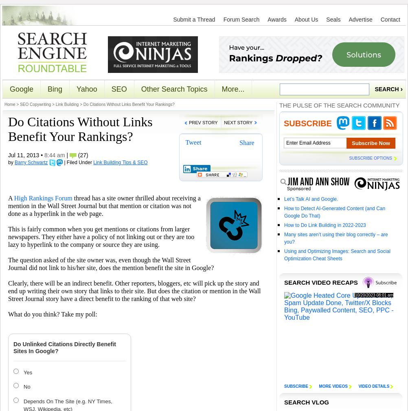 Image resolution: width=408 pixels, height=411 pixels. I want to click on 'More videos', so click(333, 386).